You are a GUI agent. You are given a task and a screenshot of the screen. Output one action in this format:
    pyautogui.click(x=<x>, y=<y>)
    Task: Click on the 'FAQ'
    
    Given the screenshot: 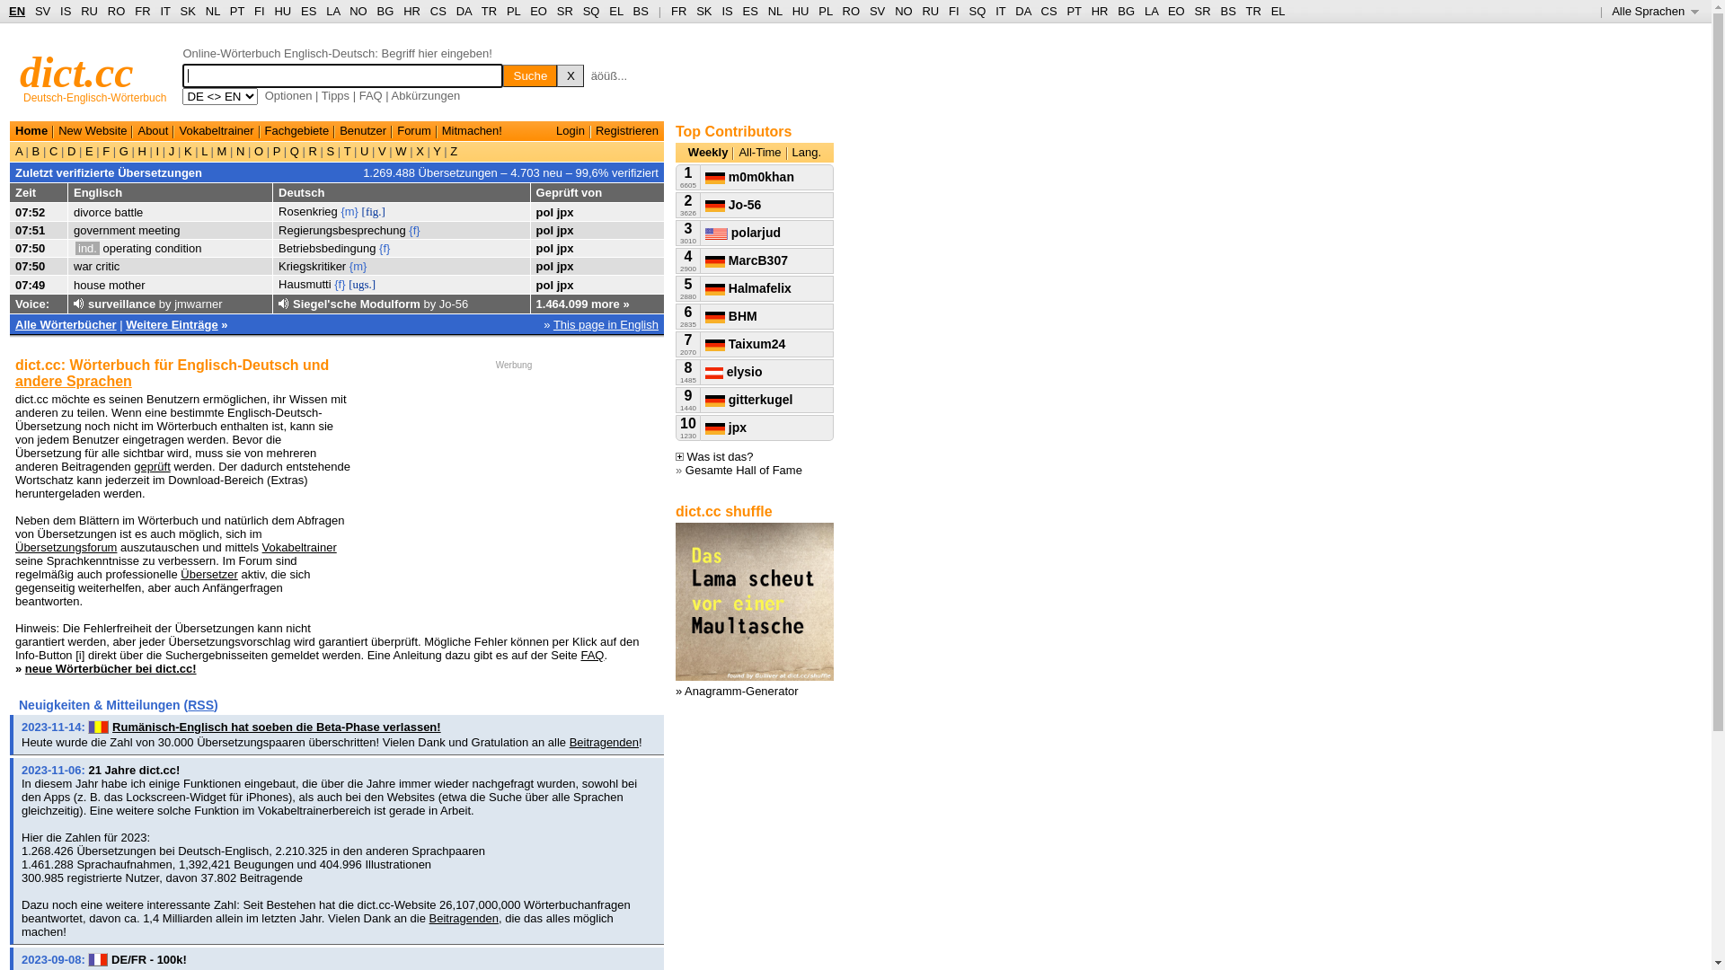 What is the action you would take?
    pyautogui.click(x=369, y=95)
    